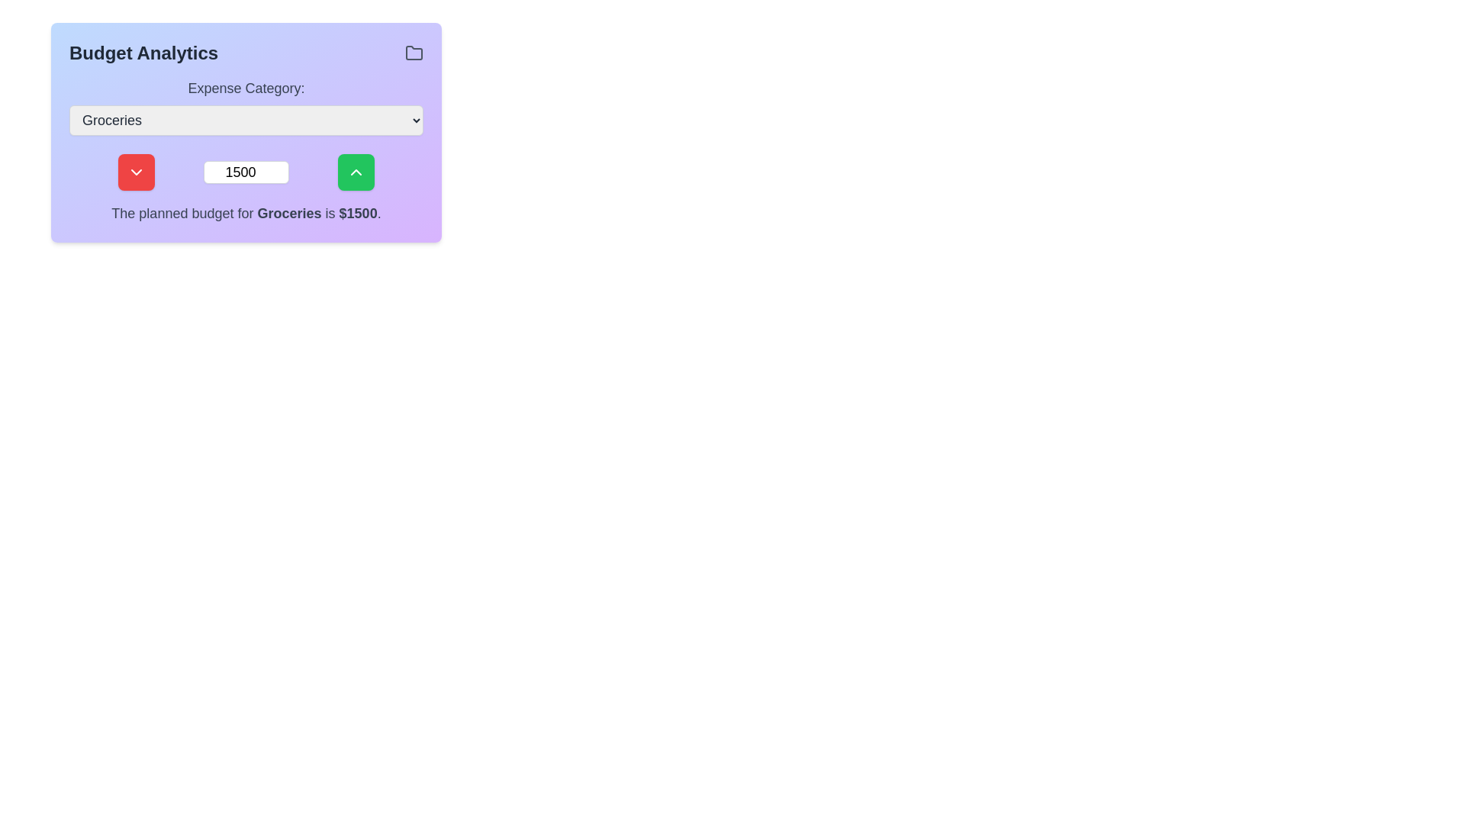 This screenshot has width=1465, height=824. Describe the element at coordinates (136, 172) in the screenshot. I see `the decrement icon located to the left of the numeric input field below the 'Expense Category:' dropdown to decrease the number` at that location.